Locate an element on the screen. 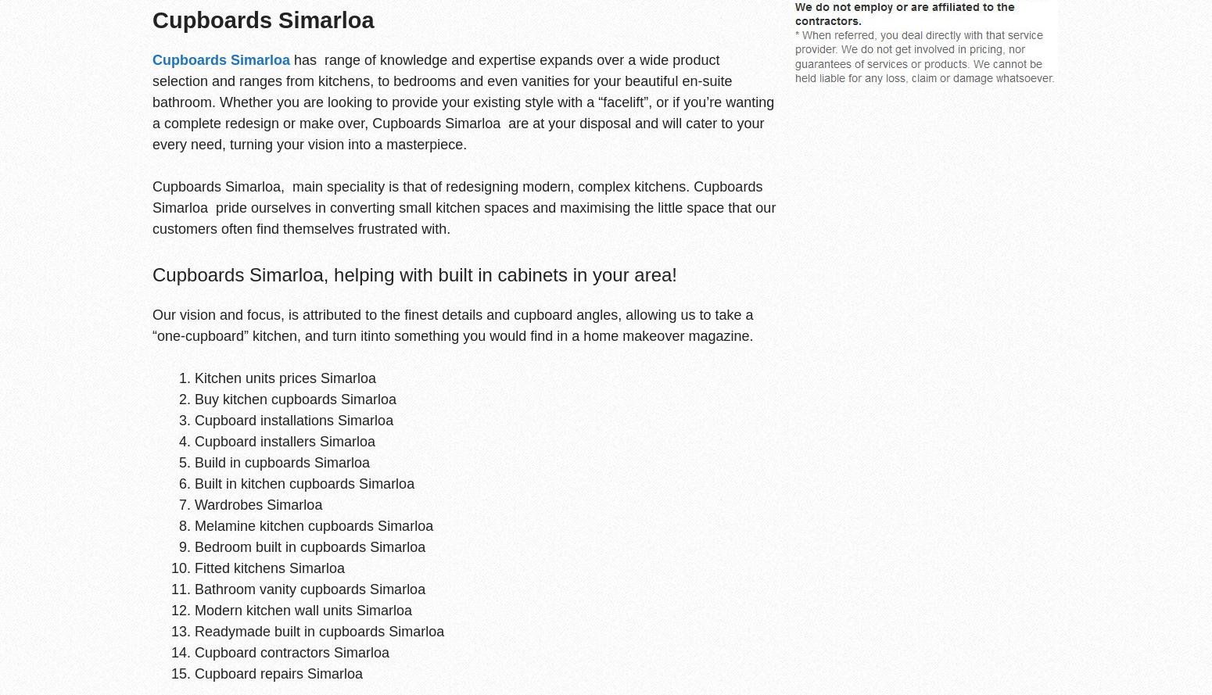 This screenshot has width=1212, height=695. 'Build in cupboards Simarloa' is located at coordinates (194, 461).